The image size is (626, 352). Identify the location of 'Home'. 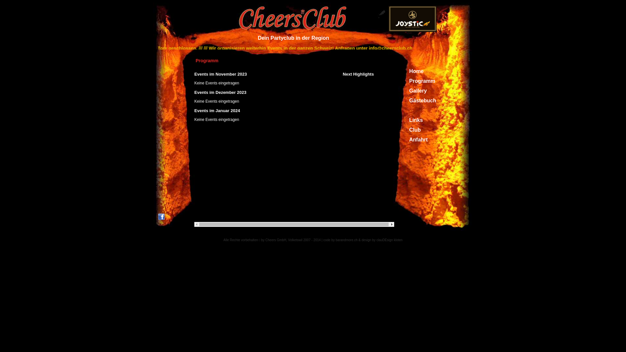
(416, 71).